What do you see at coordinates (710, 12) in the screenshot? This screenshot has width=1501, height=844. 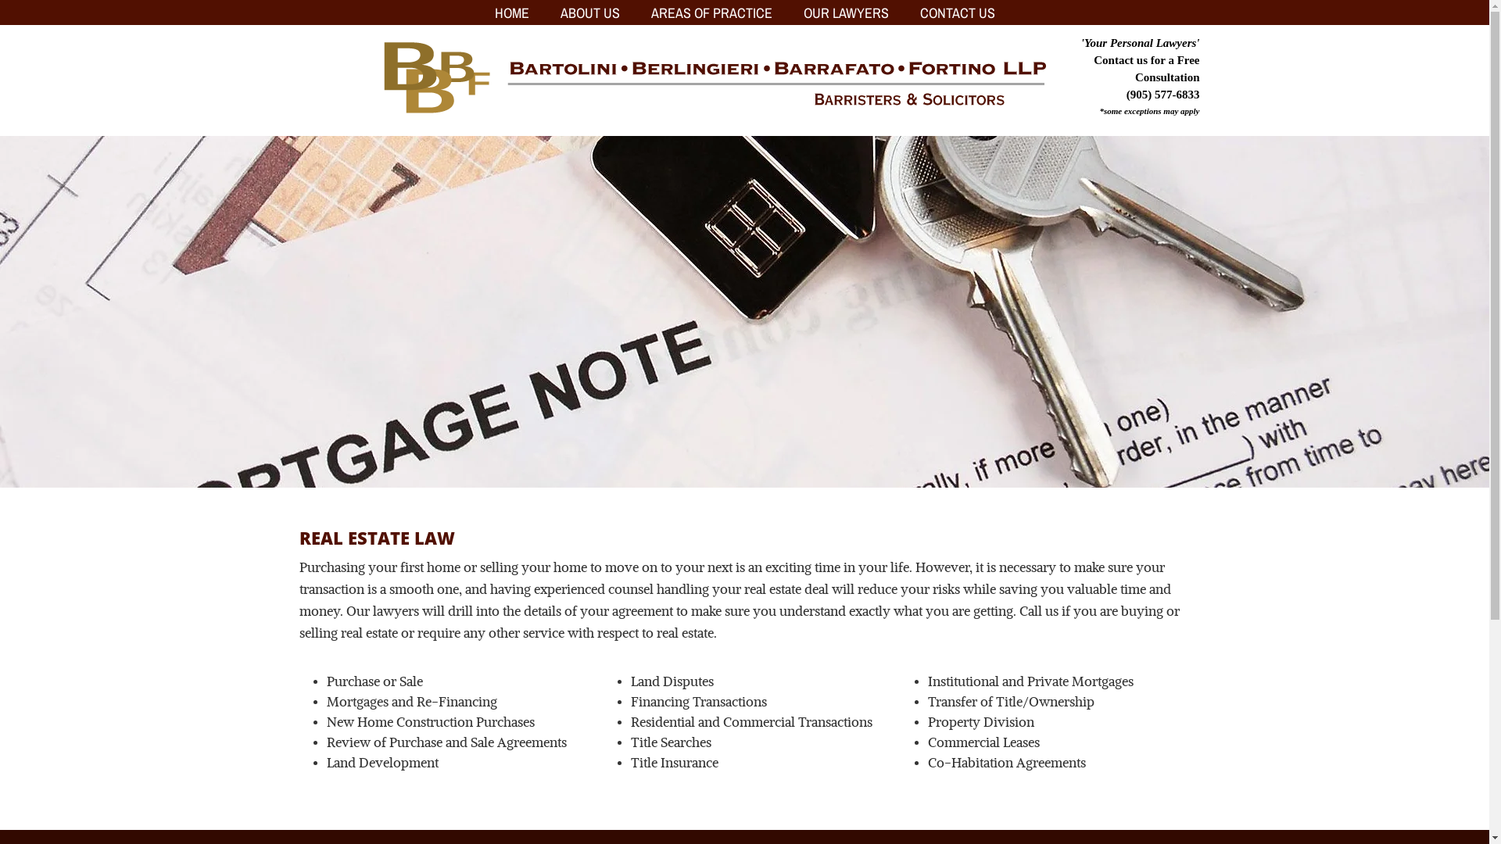 I see `'AREAS OF PRACTICE'` at bounding box center [710, 12].